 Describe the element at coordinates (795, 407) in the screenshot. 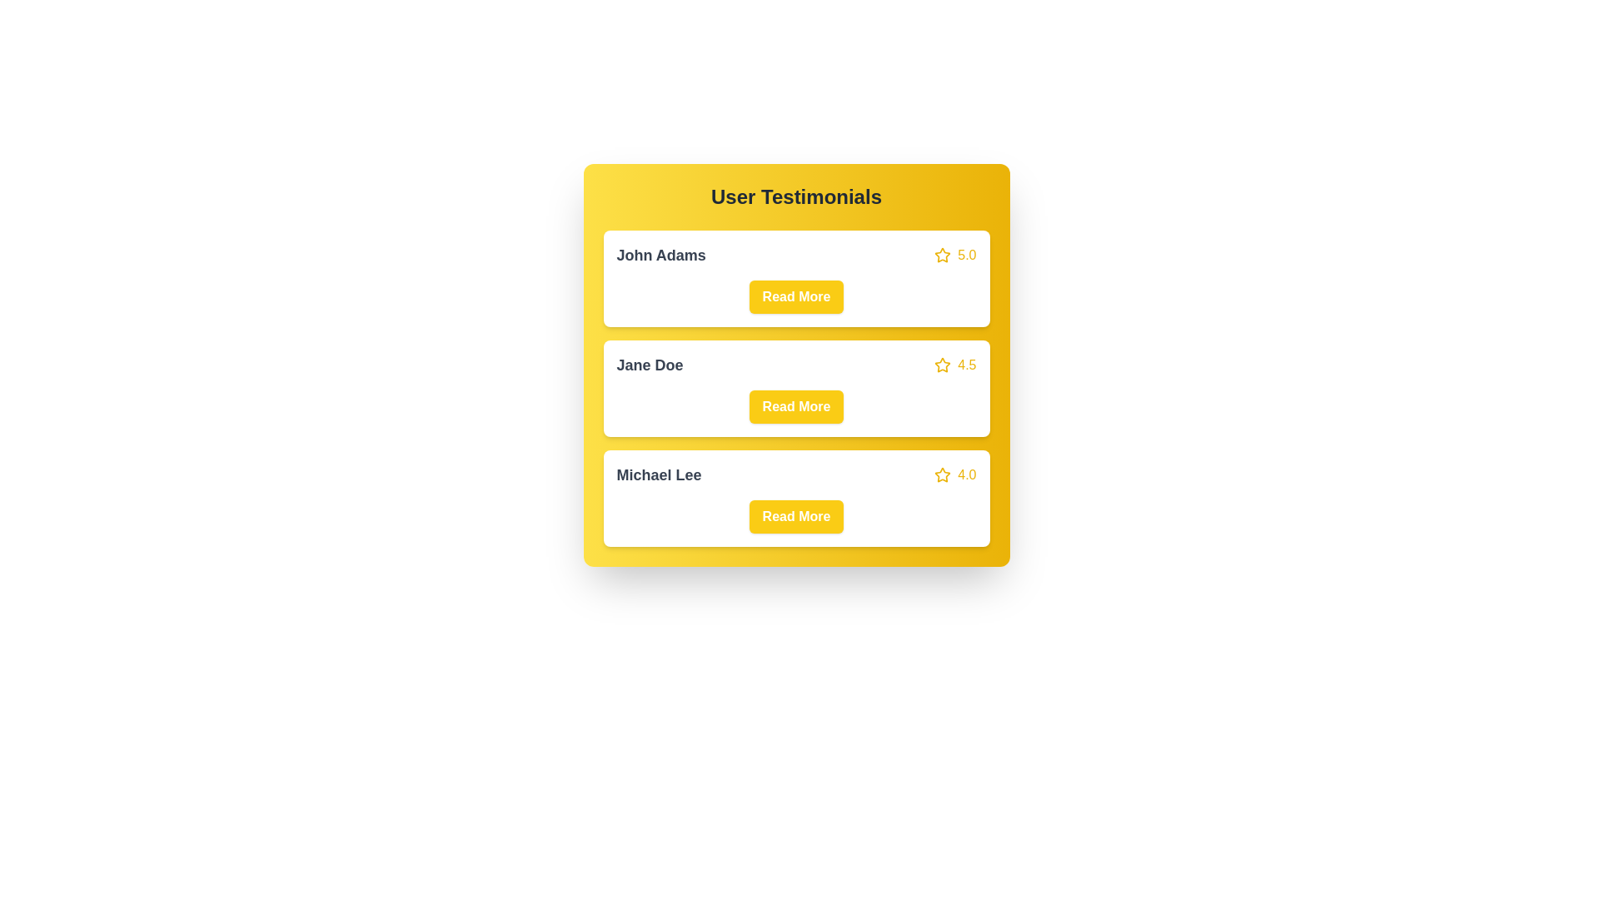

I see `the 'Read More' button for Jane Doe to expand or collapse the review` at that location.